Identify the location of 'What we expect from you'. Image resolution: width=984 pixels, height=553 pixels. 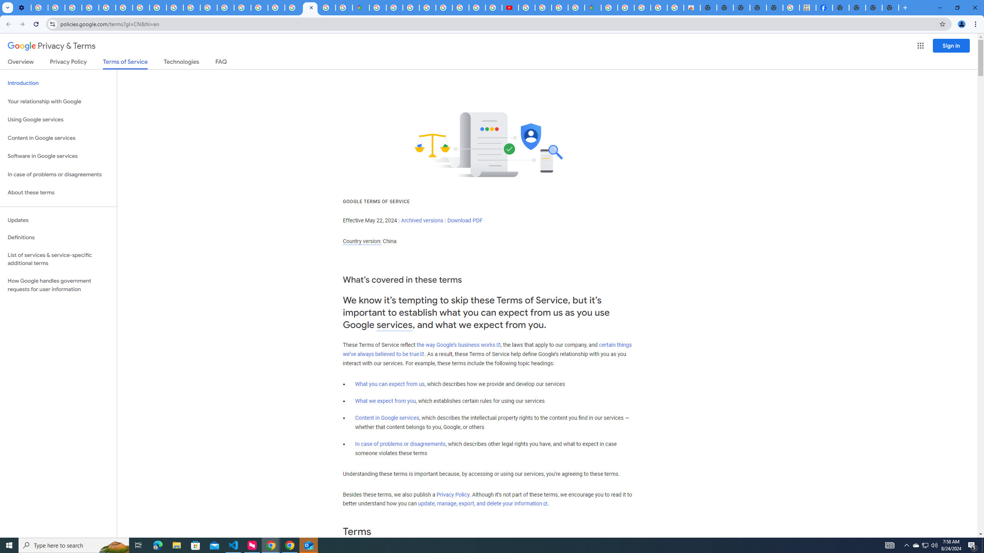
(385, 401).